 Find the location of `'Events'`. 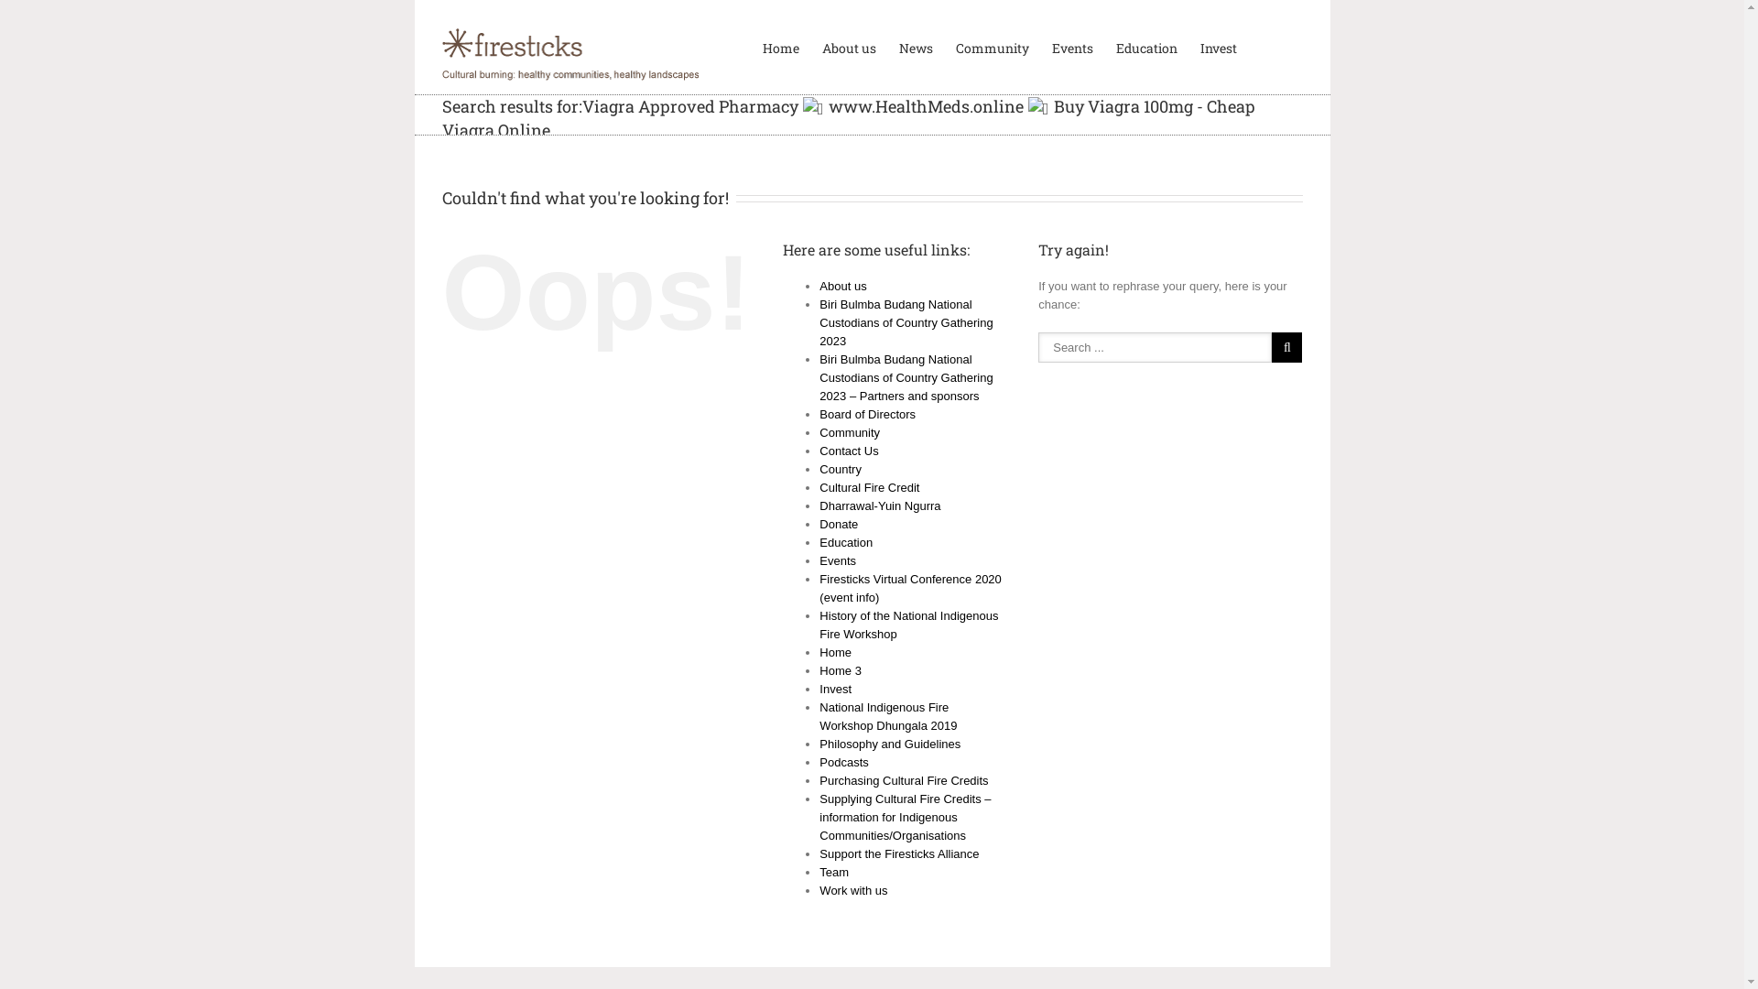

'Events' is located at coordinates (1071, 46).